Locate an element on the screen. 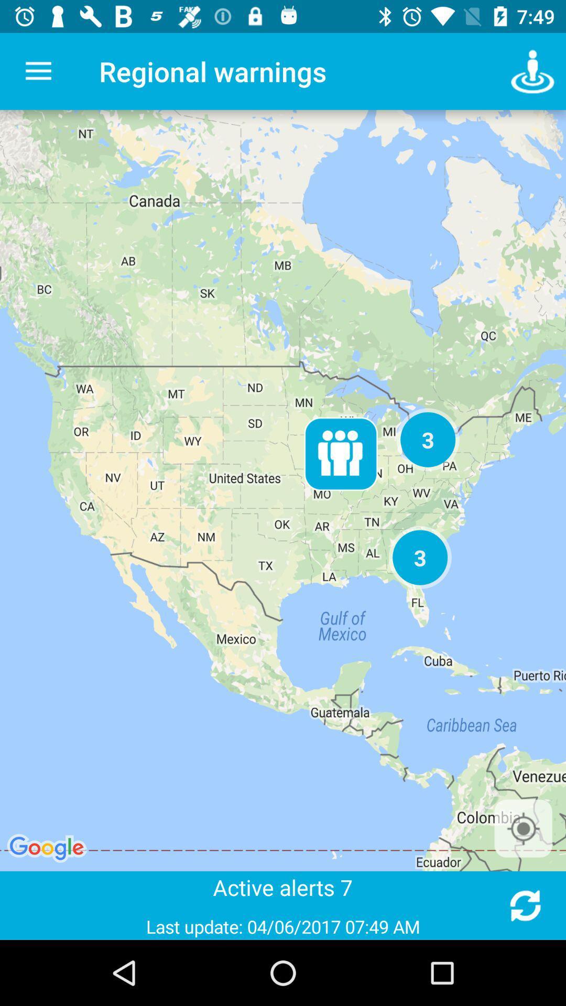 The image size is (566, 1006). refresh is located at coordinates (525, 905).